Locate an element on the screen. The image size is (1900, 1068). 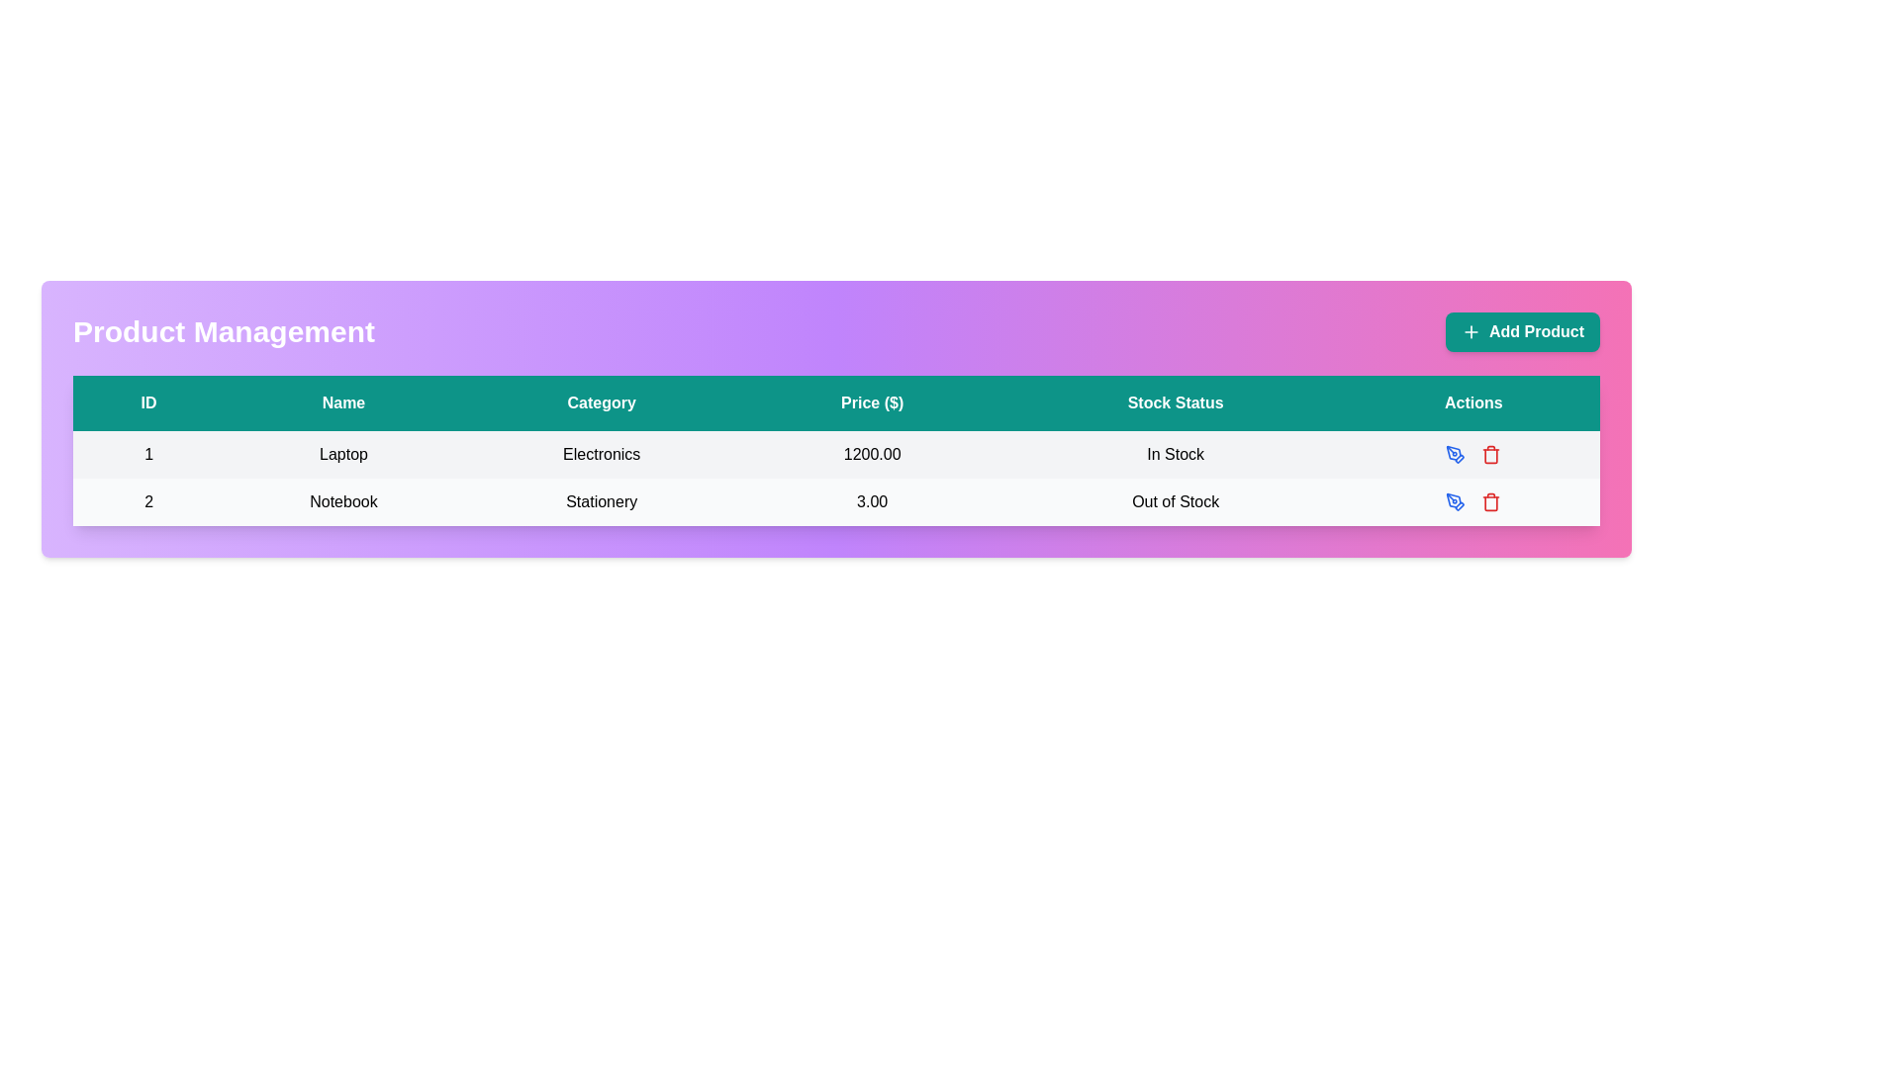
the blue pen tool icon in the second row of the product management table is located at coordinates (1456, 454).